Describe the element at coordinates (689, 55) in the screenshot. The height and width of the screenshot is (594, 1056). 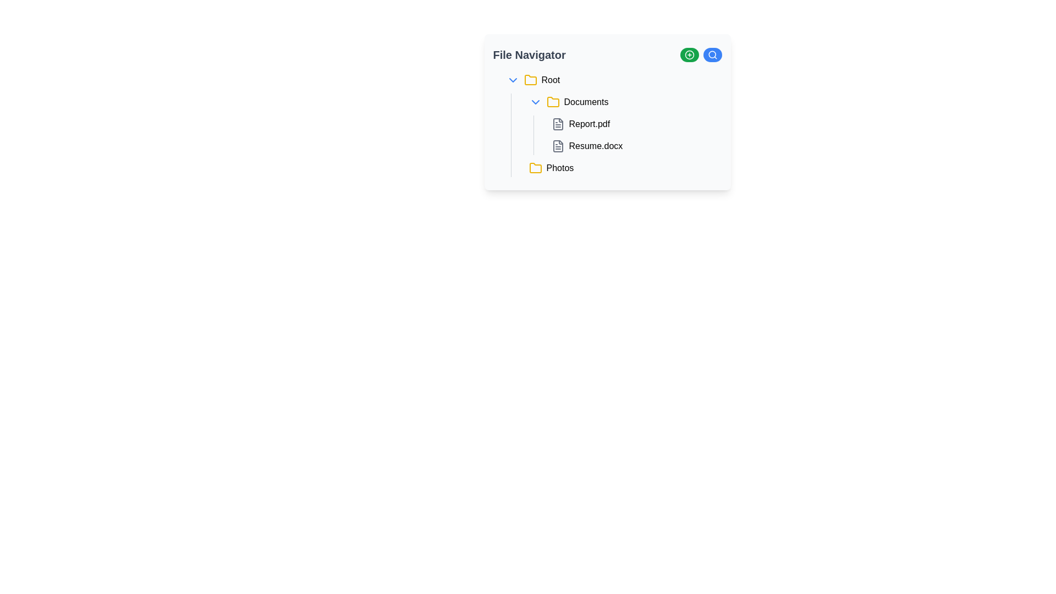
I see `the button located at the top-right corner of the 'File Navigator' interface` at that location.